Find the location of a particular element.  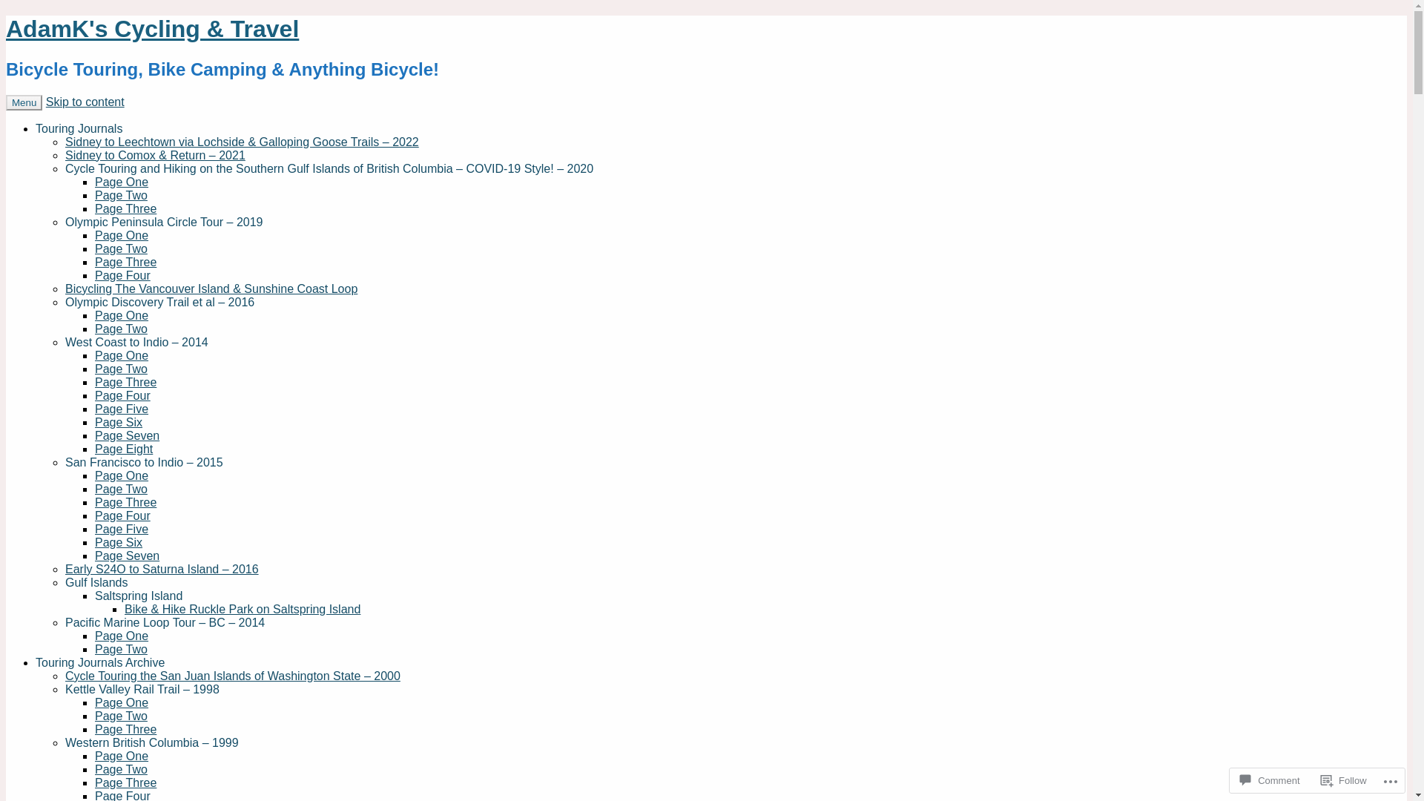

'Page Two' is located at coordinates (121, 194).